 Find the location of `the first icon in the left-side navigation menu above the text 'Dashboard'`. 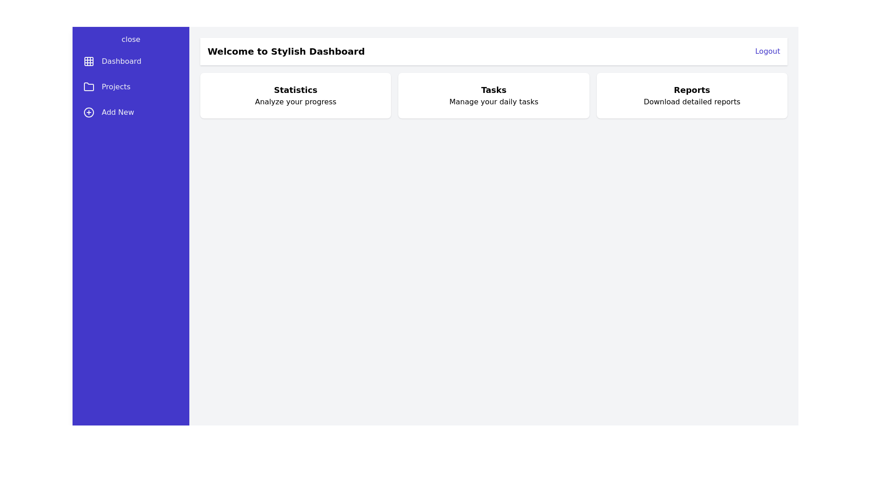

the first icon in the left-side navigation menu above the text 'Dashboard' is located at coordinates (89, 61).